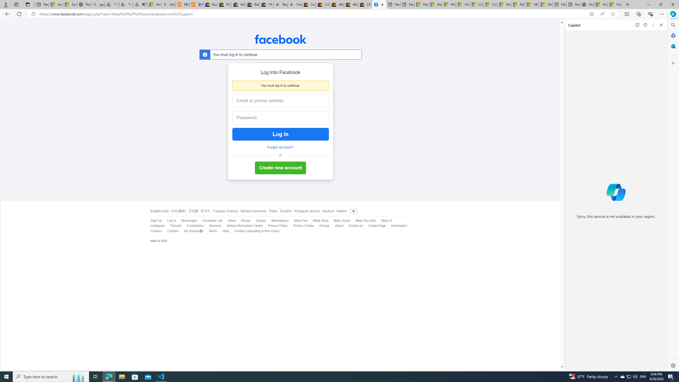  Describe the element at coordinates (376, 225) in the screenshot. I see `'Create Page'` at that location.